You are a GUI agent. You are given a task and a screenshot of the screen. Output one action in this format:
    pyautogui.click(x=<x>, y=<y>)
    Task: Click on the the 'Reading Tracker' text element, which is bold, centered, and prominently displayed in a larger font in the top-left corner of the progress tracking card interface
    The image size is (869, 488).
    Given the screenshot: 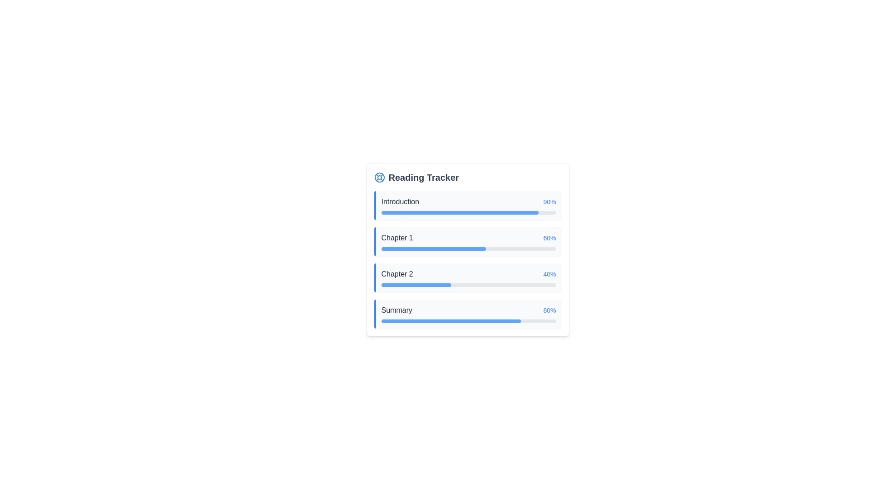 What is the action you would take?
    pyautogui.click(x=423, y=178)
    